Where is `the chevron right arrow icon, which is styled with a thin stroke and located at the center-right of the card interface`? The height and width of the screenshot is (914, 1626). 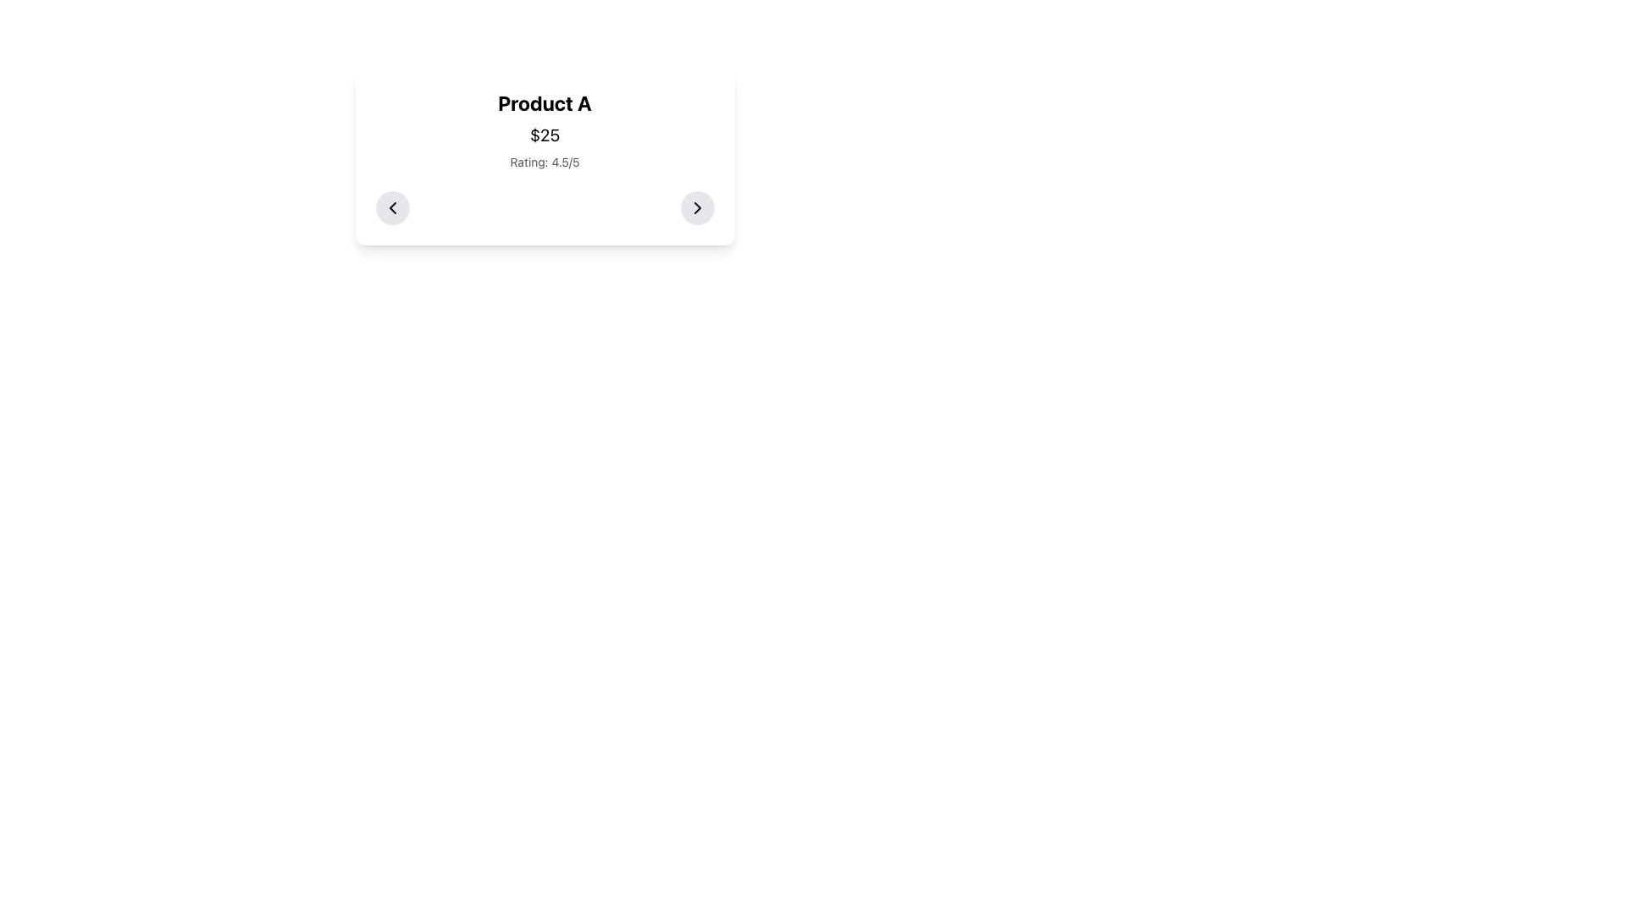
the chevron right arrow icon, which is styled with a thin stroke and located at the center-right of the card interface is located at coordinates (697, 207).